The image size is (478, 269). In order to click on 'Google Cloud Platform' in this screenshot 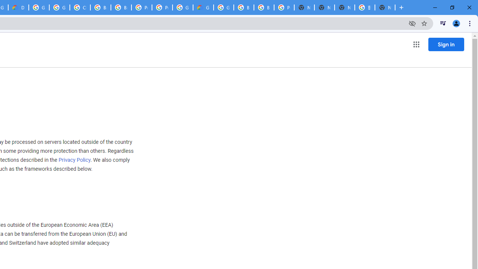, I will do `click(223, 7)`.